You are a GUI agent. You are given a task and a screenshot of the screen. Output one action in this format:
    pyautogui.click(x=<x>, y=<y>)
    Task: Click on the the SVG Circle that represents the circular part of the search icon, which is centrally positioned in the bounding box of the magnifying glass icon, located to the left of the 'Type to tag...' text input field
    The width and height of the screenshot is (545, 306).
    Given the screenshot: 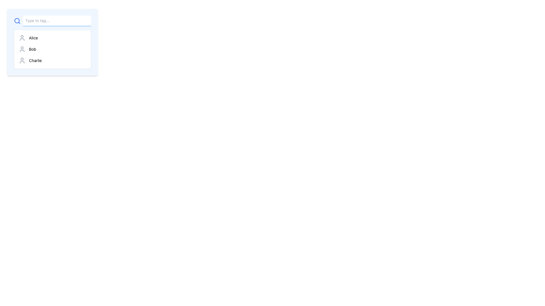 What is the action you would take?
    pyautogui.click(x=17, y=20)
    